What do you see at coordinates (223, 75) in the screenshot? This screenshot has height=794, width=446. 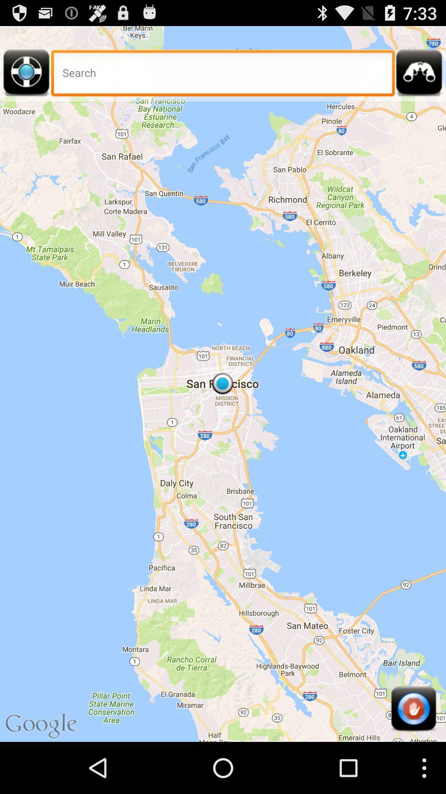 I see `search bar` at bounding box center [223, 75].